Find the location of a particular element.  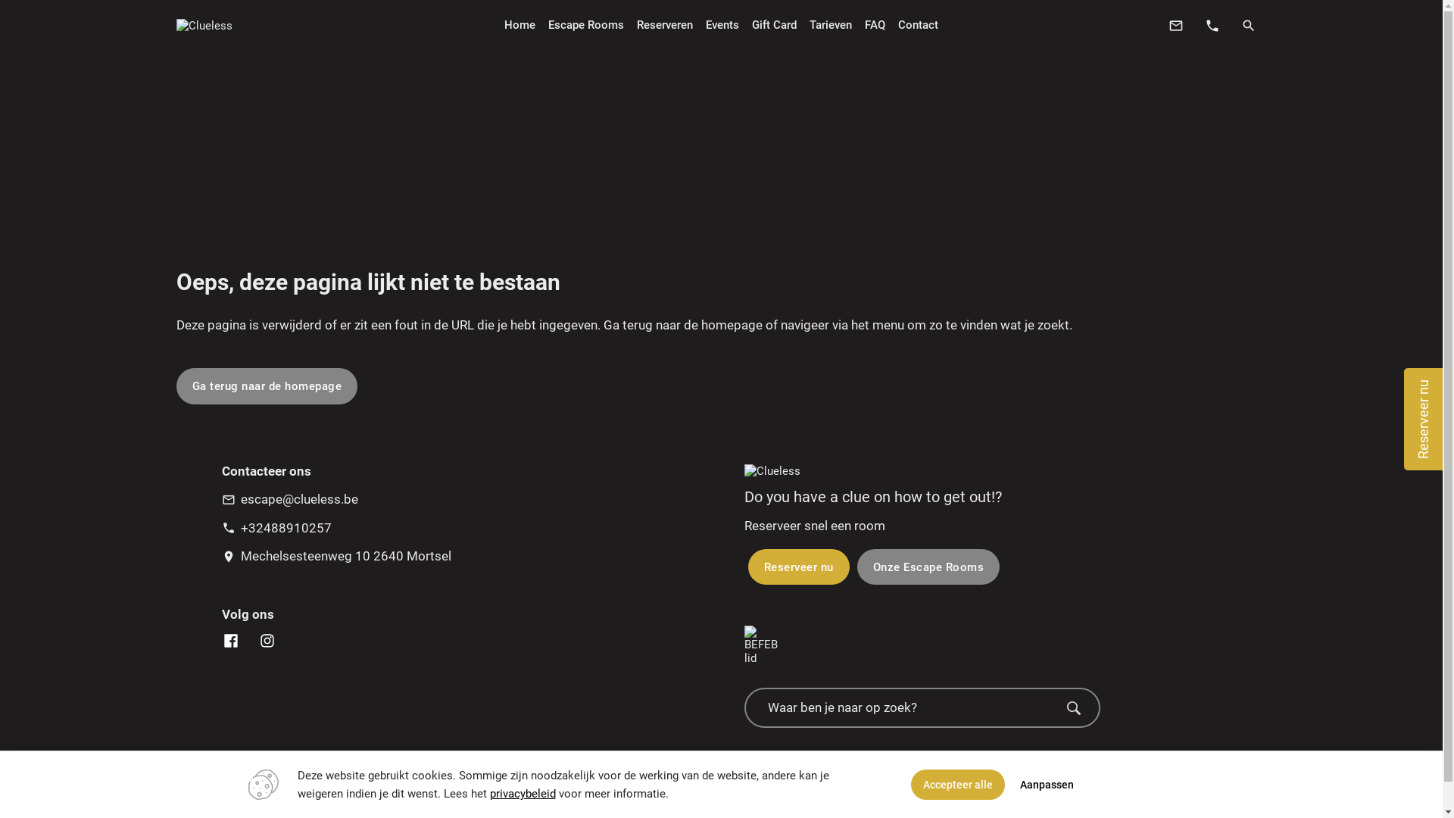

'mail_outline is located at coordinates (289, 502).